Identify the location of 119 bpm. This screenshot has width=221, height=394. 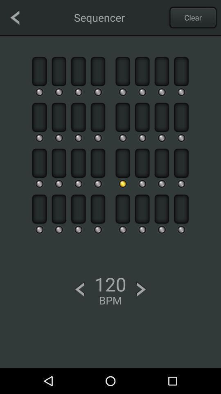
(79, 289).